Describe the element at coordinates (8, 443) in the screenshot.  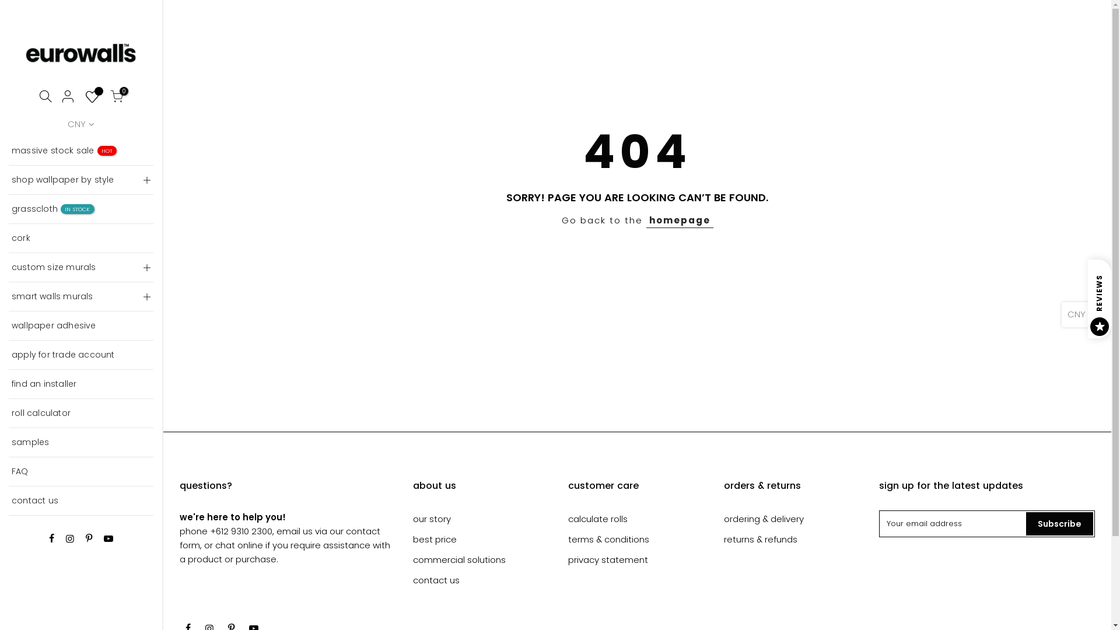
I see `'samples'` at that location.